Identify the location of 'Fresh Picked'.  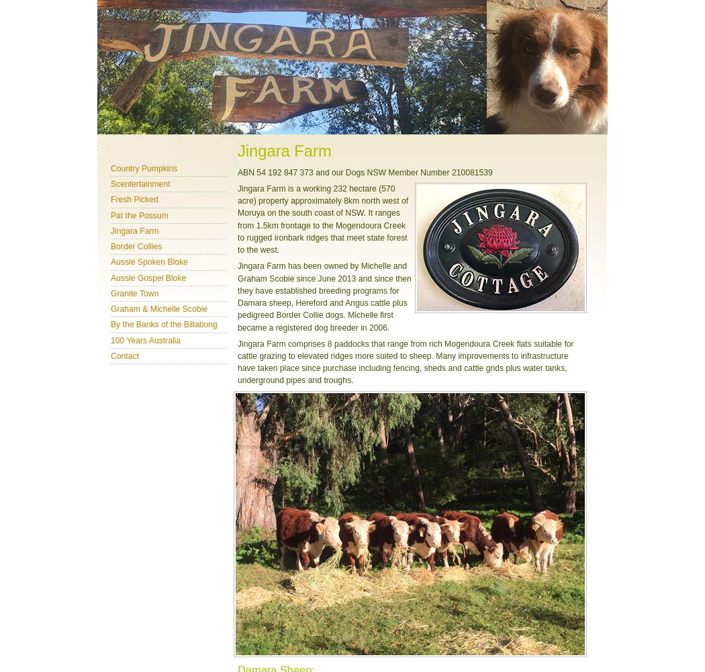
(134, 200).